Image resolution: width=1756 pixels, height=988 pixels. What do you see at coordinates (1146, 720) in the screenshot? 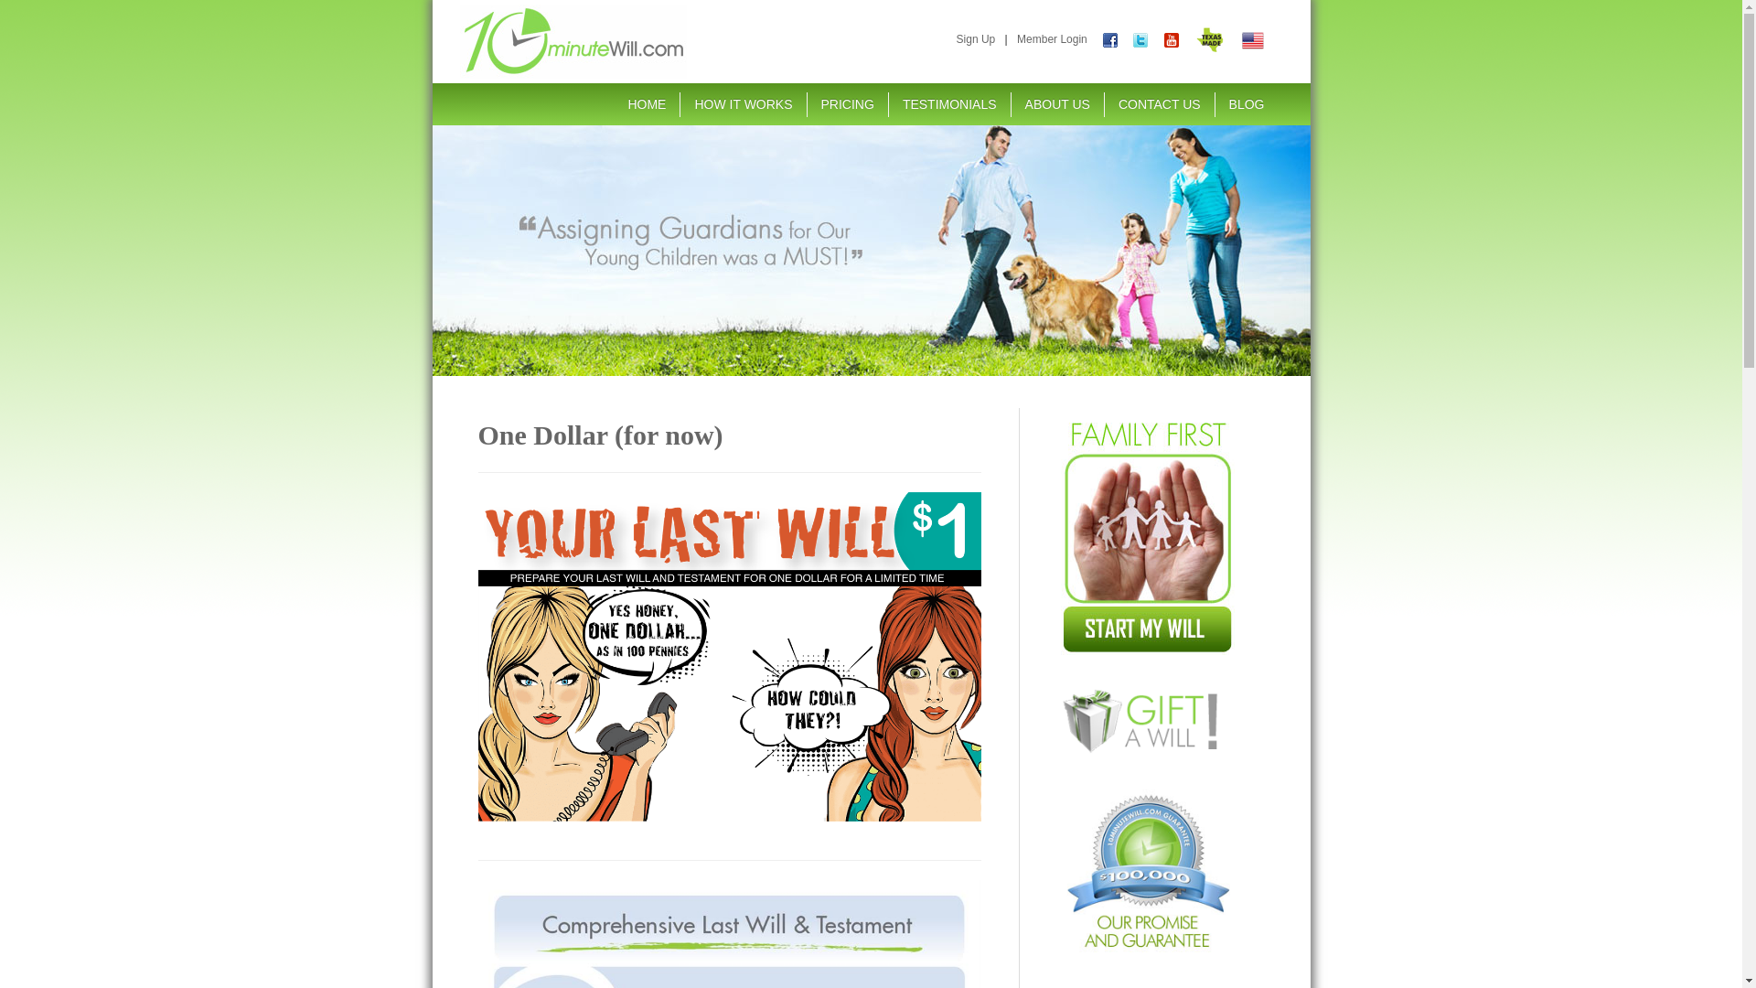
I see `'Gift A Will'` at bounding box center [1146, 720].